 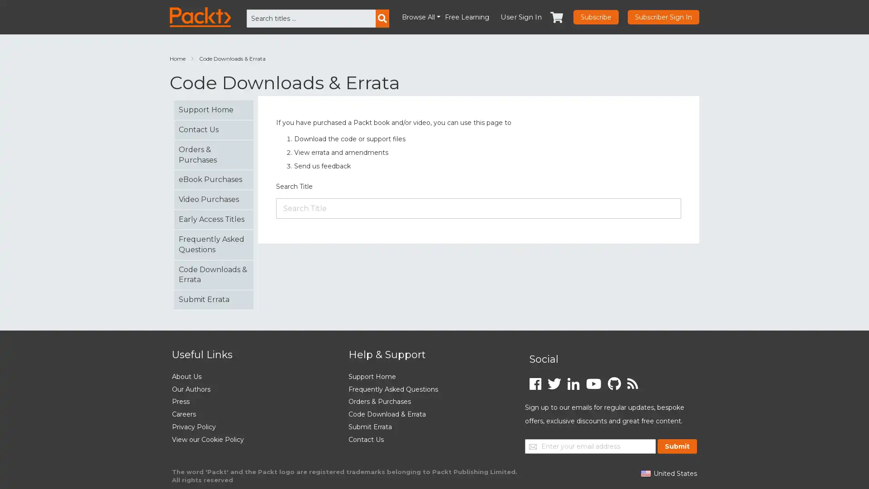 What do you see at coordinates (740, 470) in the screenshot?
I see `More Info` at bounding box center [740, 470].